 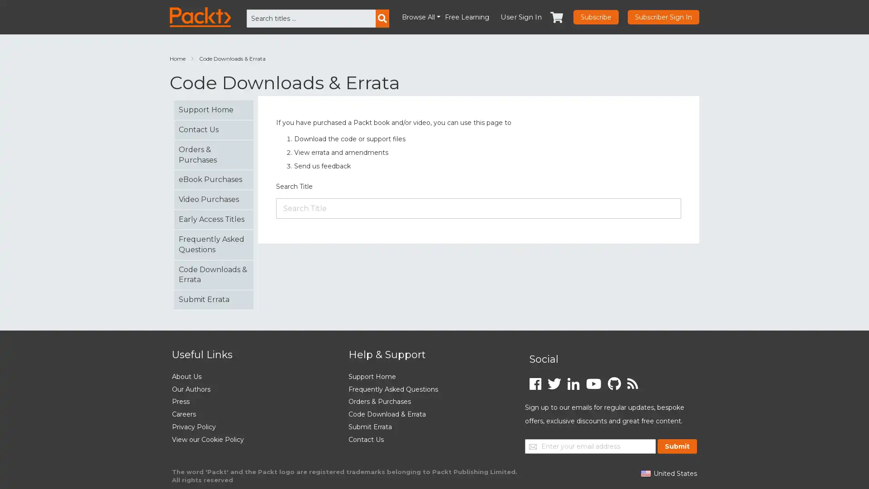 What do you see at coordinates (740, 470) in the screenshot?
I see `More Info` at bounding box center [740, 470].